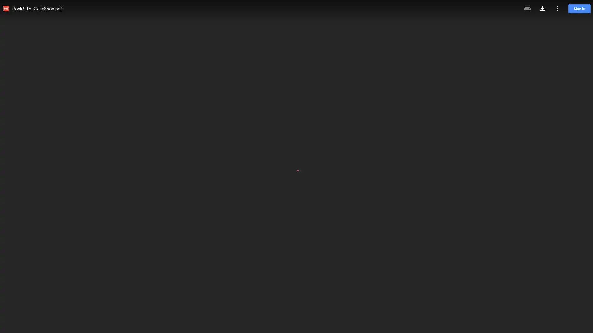 The height and width of the screenshot is (333, 593). Describe the element at coordinates (579, 9) in the screenshot. I see `Sign In` at that location.